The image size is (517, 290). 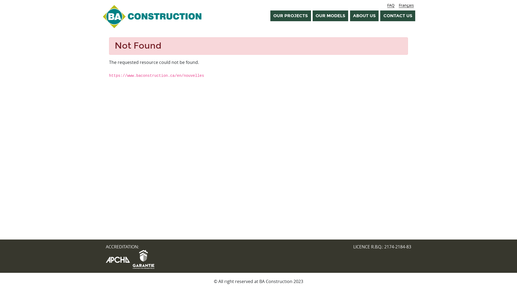 I want to click on 'OUR MODELS', so click(x=330, y=15).